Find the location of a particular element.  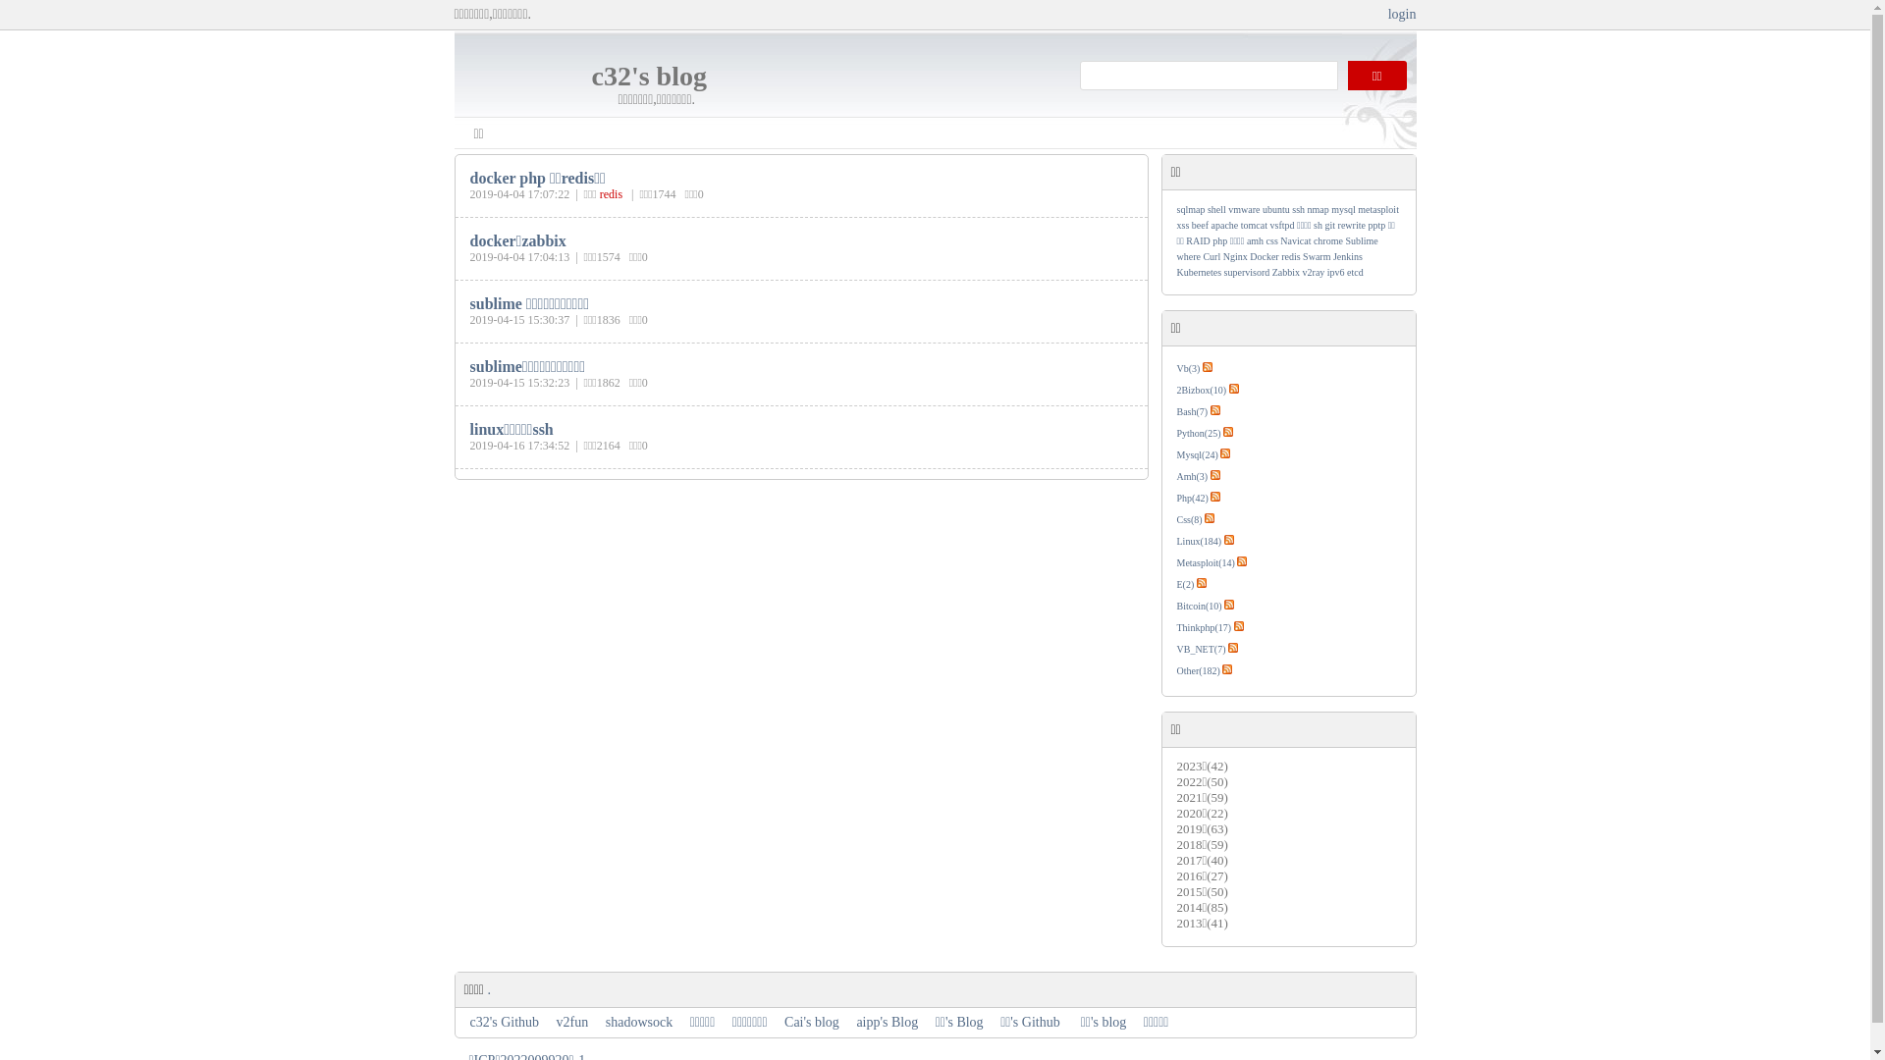

'Nginx' is located at coordinates (1234, 255).